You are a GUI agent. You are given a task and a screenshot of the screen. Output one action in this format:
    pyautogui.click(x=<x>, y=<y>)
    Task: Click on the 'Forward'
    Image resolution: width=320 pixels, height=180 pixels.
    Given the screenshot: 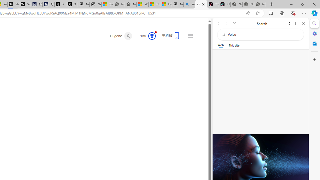 What is the action you would take?
    pyautogui.click(x=226, y=23)
    